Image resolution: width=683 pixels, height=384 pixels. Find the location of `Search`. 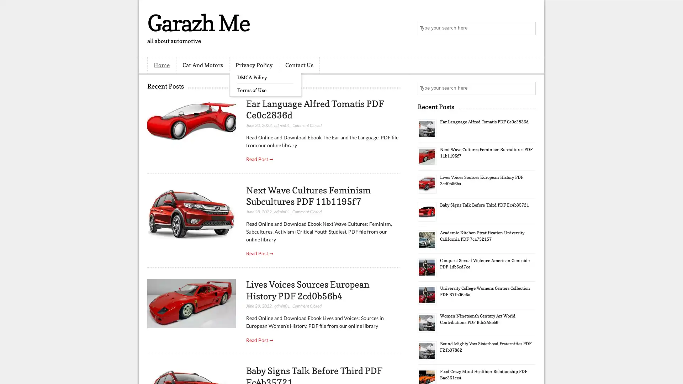

Search is located at coordinates (528, 88).